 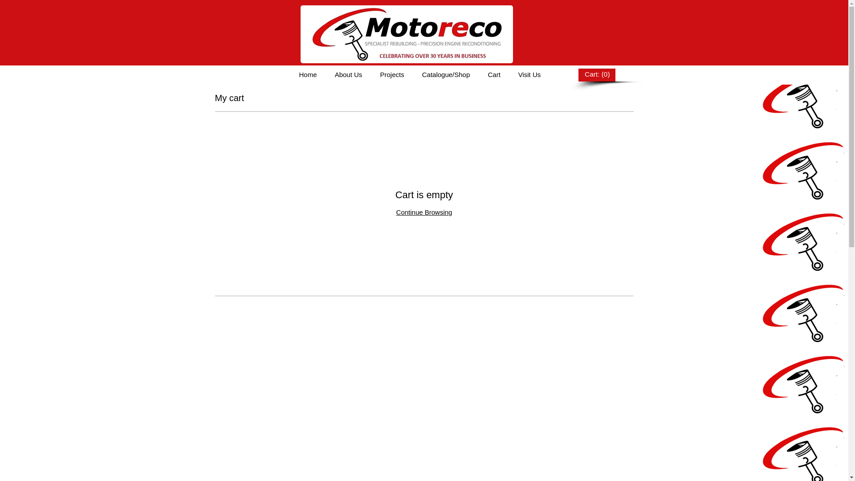 What do you see at coordinates (371, 74) in the screenshot?
I see `'Projects'` at bounding box center [371, 74].